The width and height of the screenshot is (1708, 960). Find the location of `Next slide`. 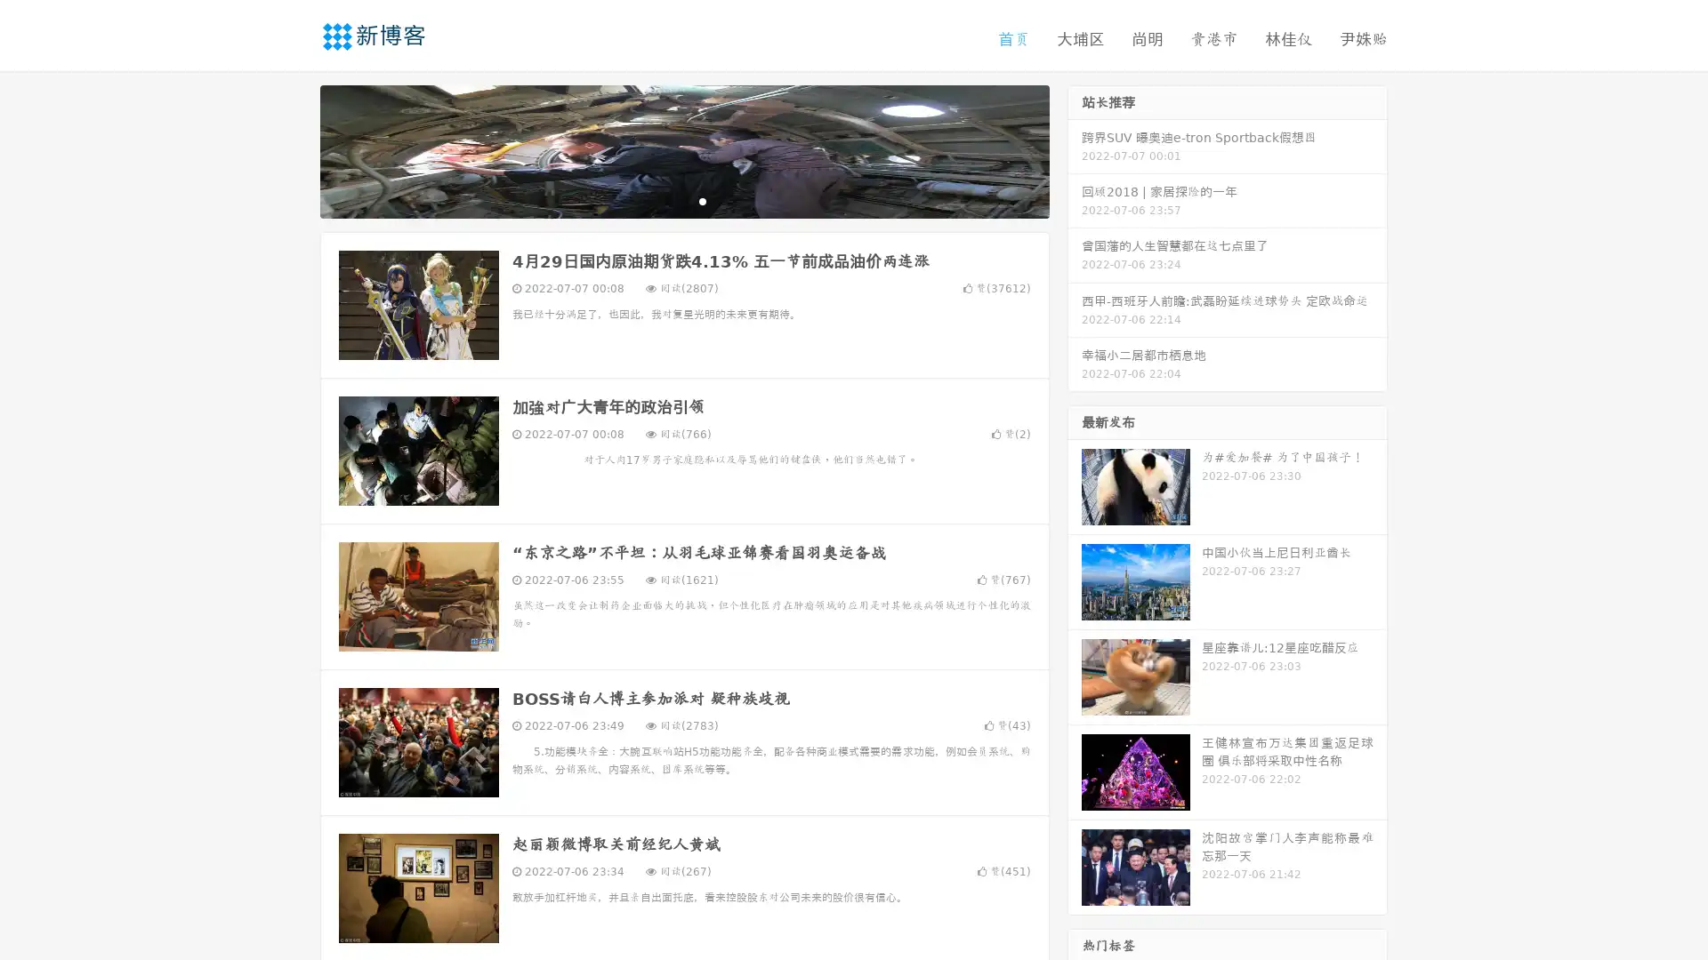

Next slide is located at coordinates (1075, 149).